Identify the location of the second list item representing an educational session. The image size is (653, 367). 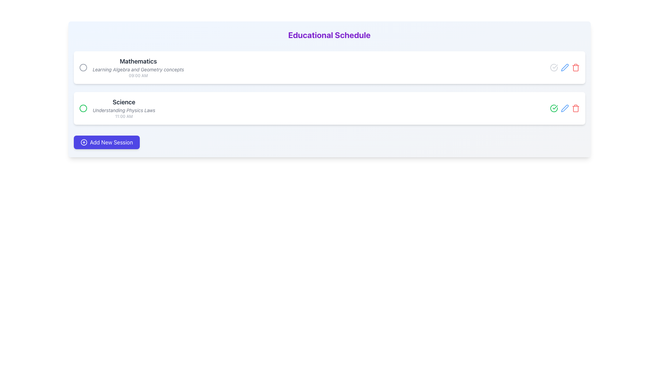
(117, 108).